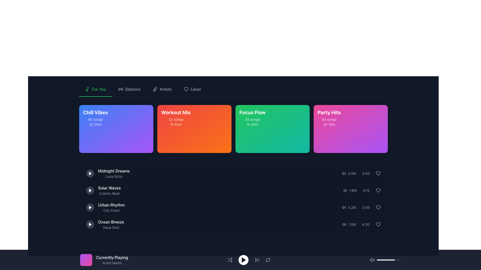  What do you see at coordinates (378, 224) in the screenshot?
I see `the 'like' icon button located in the last row of the listed songs` at bounding box center [378, 224].